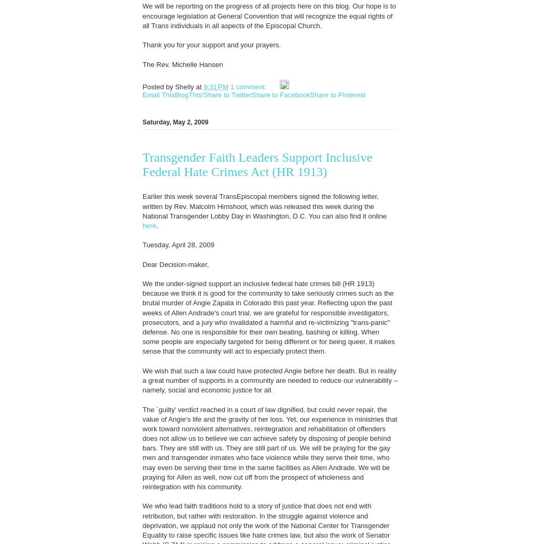  Describe the element at coordinates (211, 45) in the screenshot. I see `'Thank you for your support and your prayers.'` at that location.